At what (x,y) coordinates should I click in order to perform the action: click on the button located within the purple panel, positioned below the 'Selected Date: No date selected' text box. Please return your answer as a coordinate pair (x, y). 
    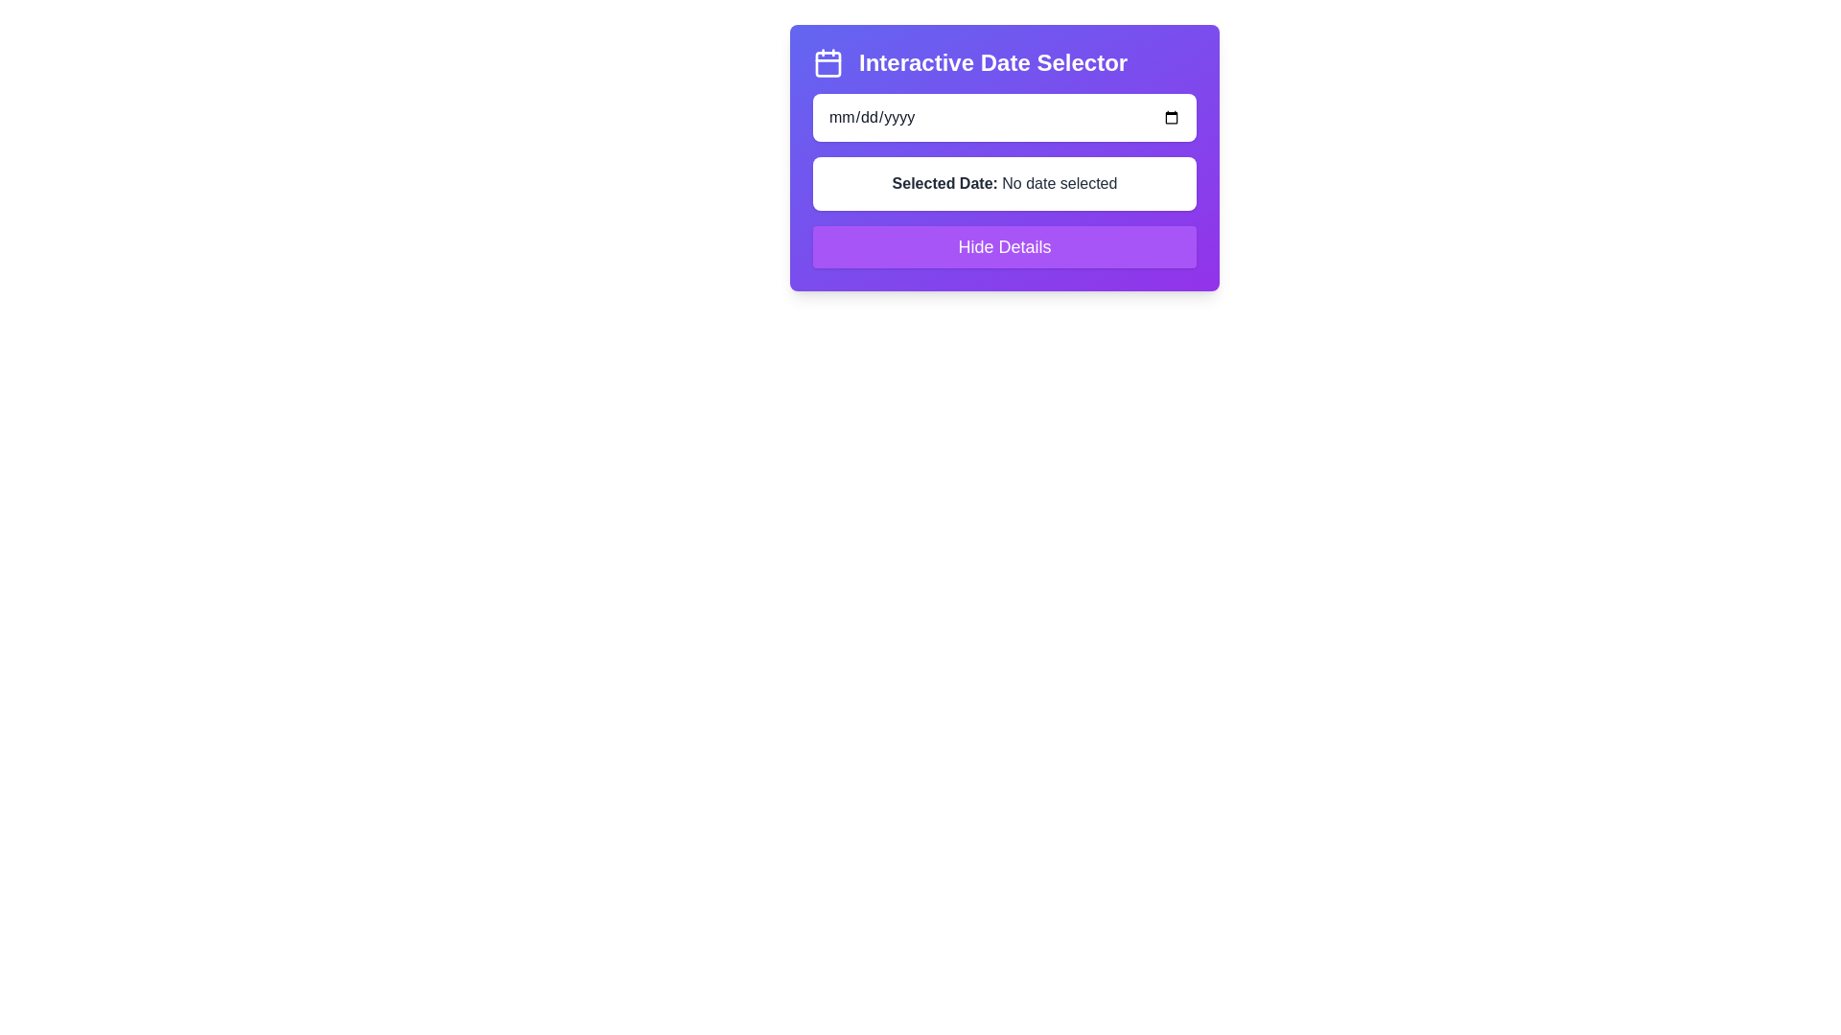
    Looking at the image, I should click on (1003, 246).